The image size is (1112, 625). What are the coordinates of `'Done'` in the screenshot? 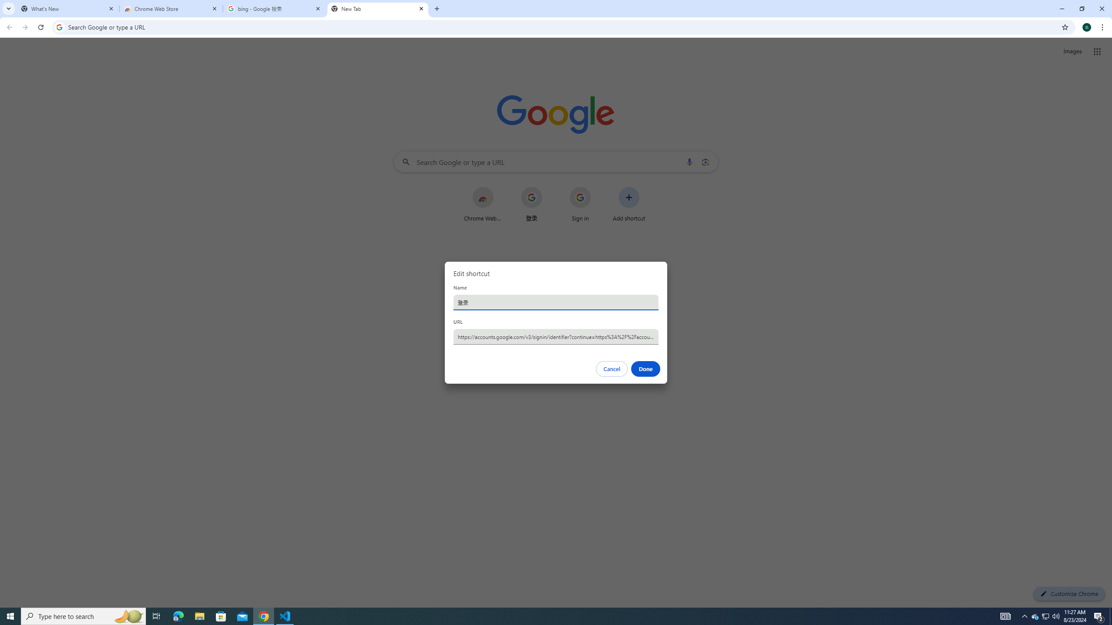 It's located at (646, 369).